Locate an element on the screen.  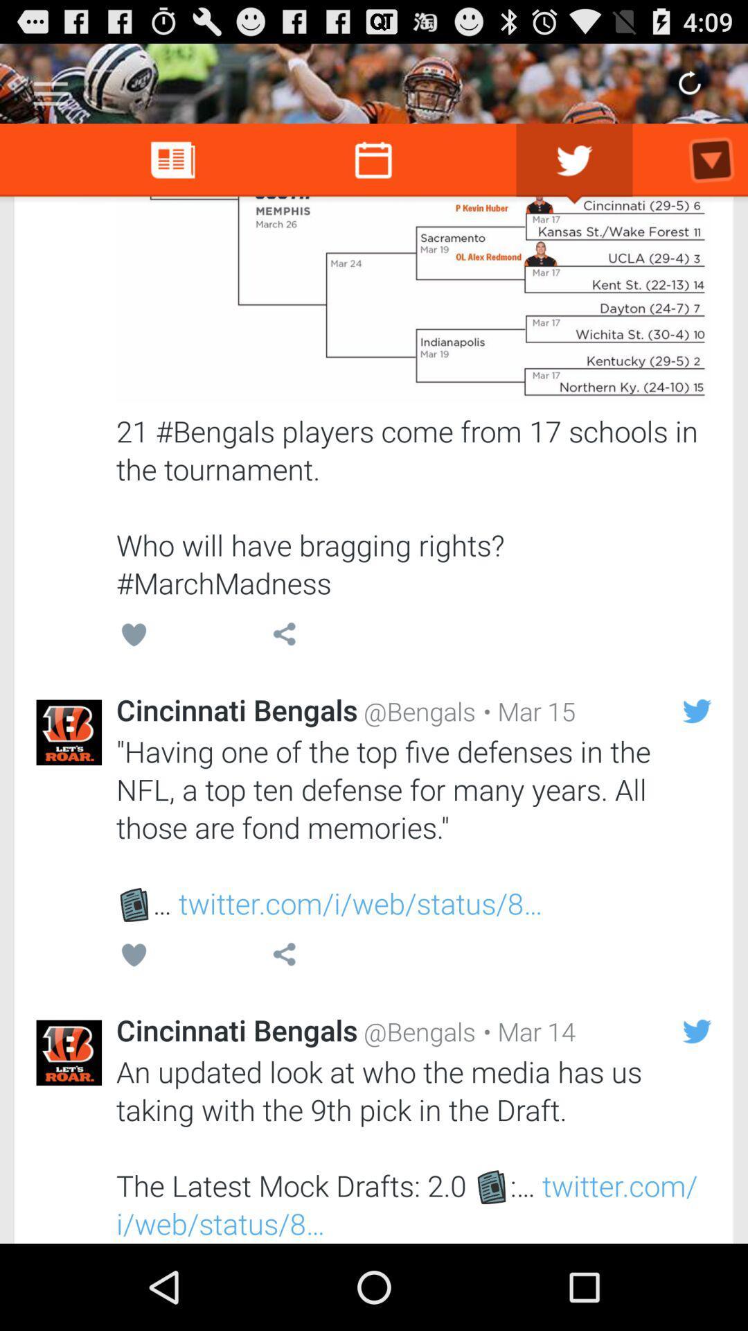
the having one of item is located at coordinates (413, 827).